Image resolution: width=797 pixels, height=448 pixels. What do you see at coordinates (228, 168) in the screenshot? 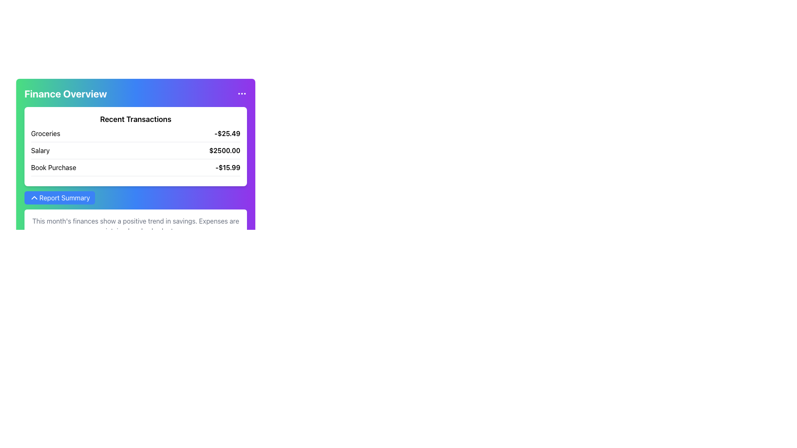
I see `the text label displaying the monetary value for the 'Book Purchase' transaction located in the 'Recent Transactions' section of the 'Finance Overview' card` at bounding box center [228, 168].